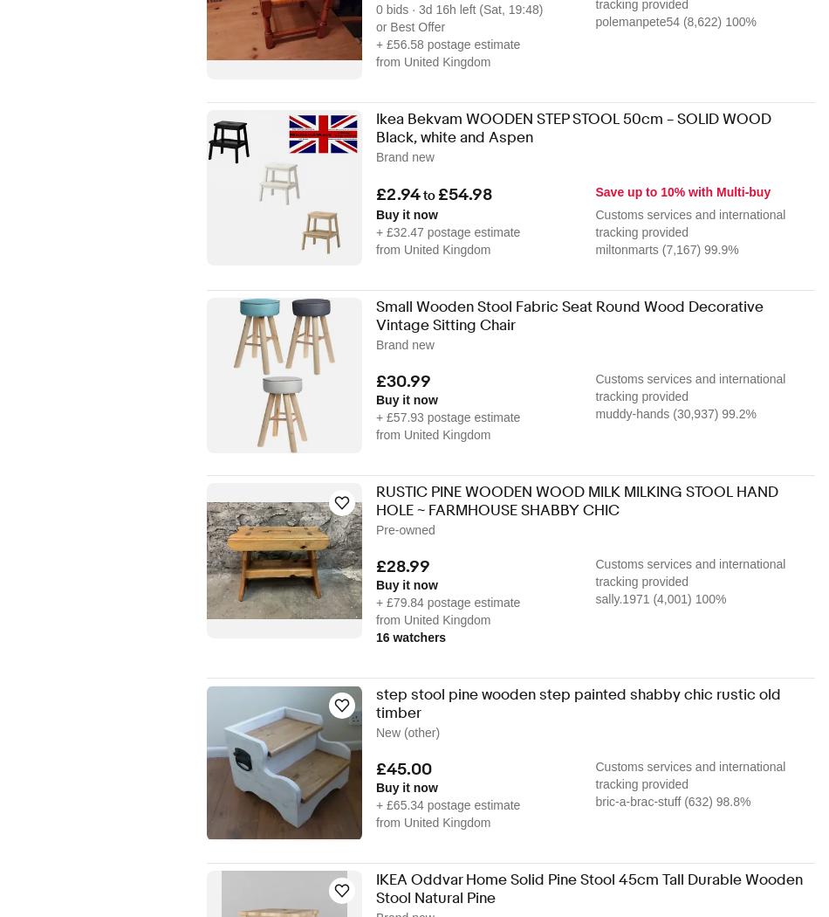 The image size is (829, 917). Describe the element at coordinates (404, 528) in the screenshot. I see `'Pre-owned'` at that location.